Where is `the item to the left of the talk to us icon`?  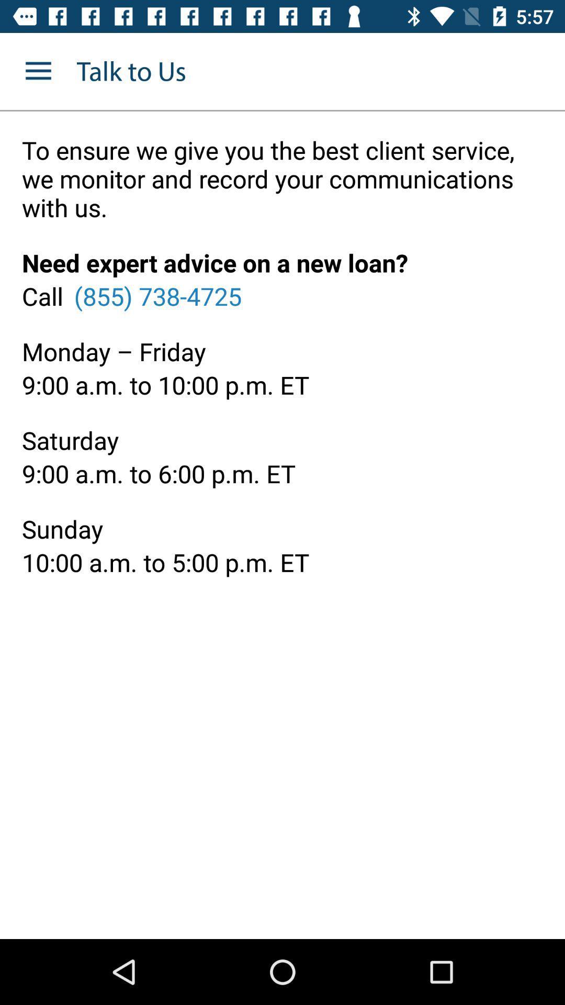
the item to the left of the talk to us icon is located at coordinates (38, 71).